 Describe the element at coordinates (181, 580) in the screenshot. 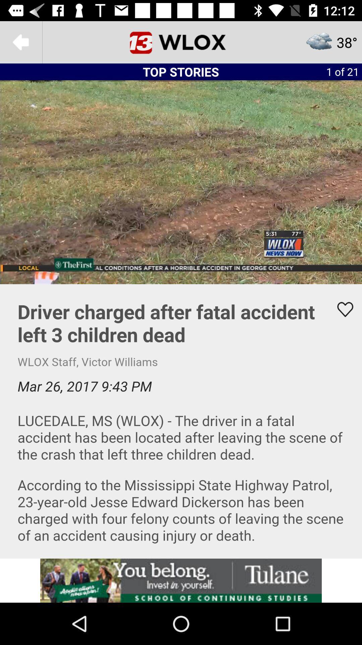

I see `advertisement website` at that location.